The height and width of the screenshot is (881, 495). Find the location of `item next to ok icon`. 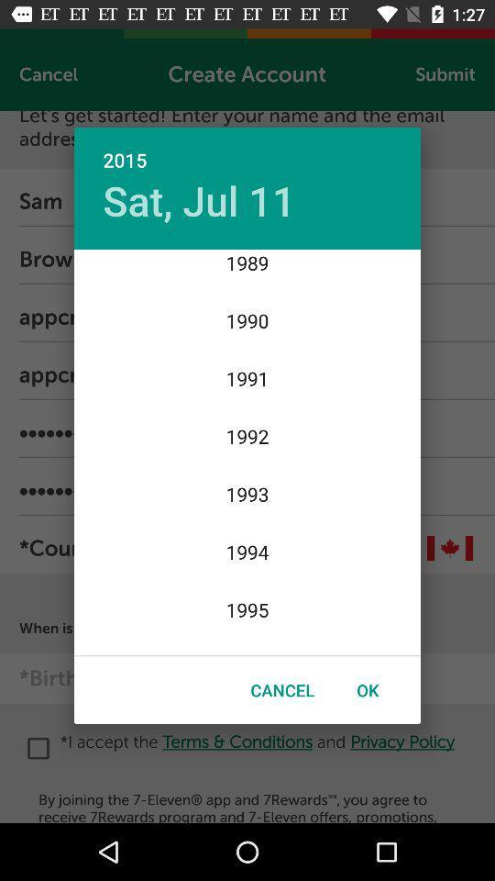

item next to ok icon is located at coordinates (282, 689).